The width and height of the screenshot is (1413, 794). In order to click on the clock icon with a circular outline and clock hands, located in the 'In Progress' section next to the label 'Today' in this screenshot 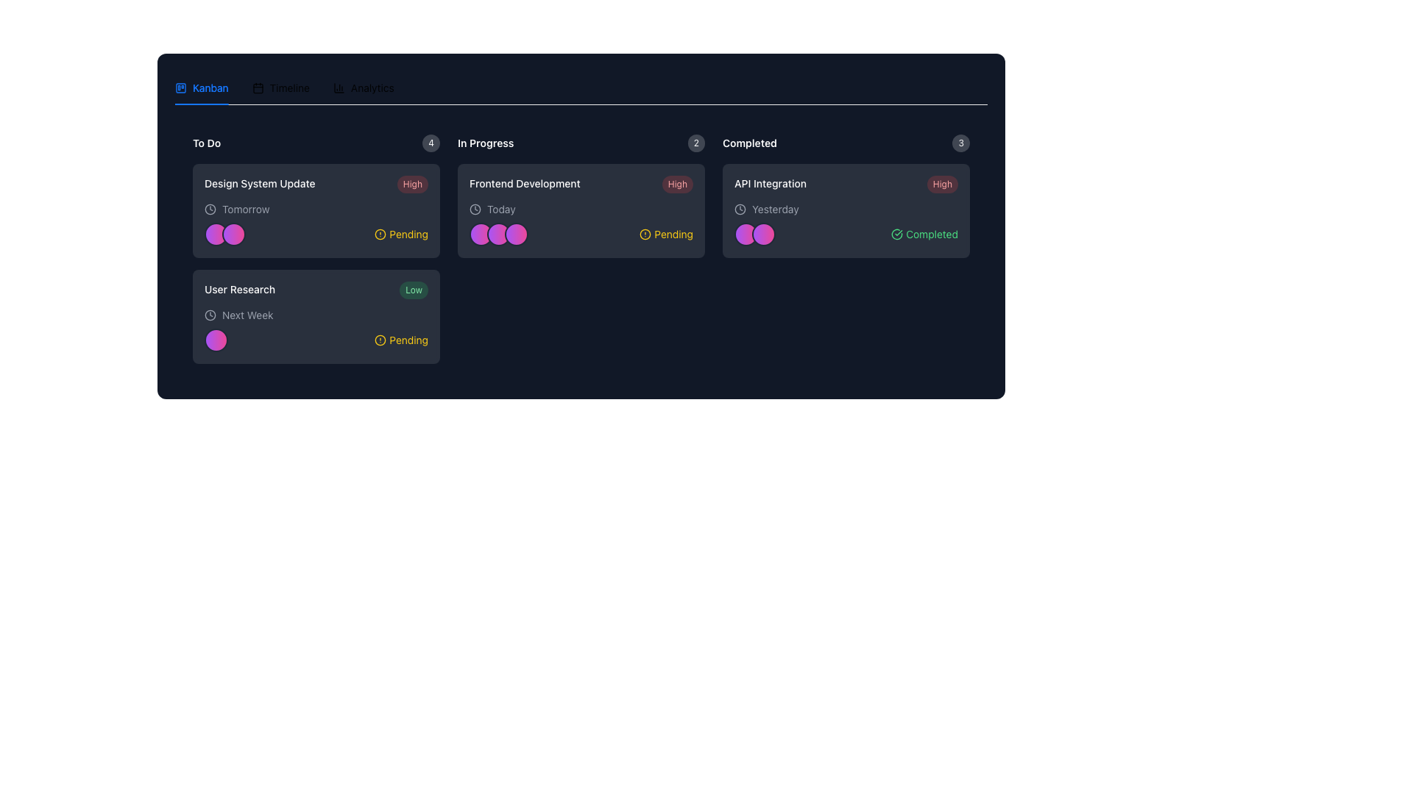, I will do `click(475, 210)`.